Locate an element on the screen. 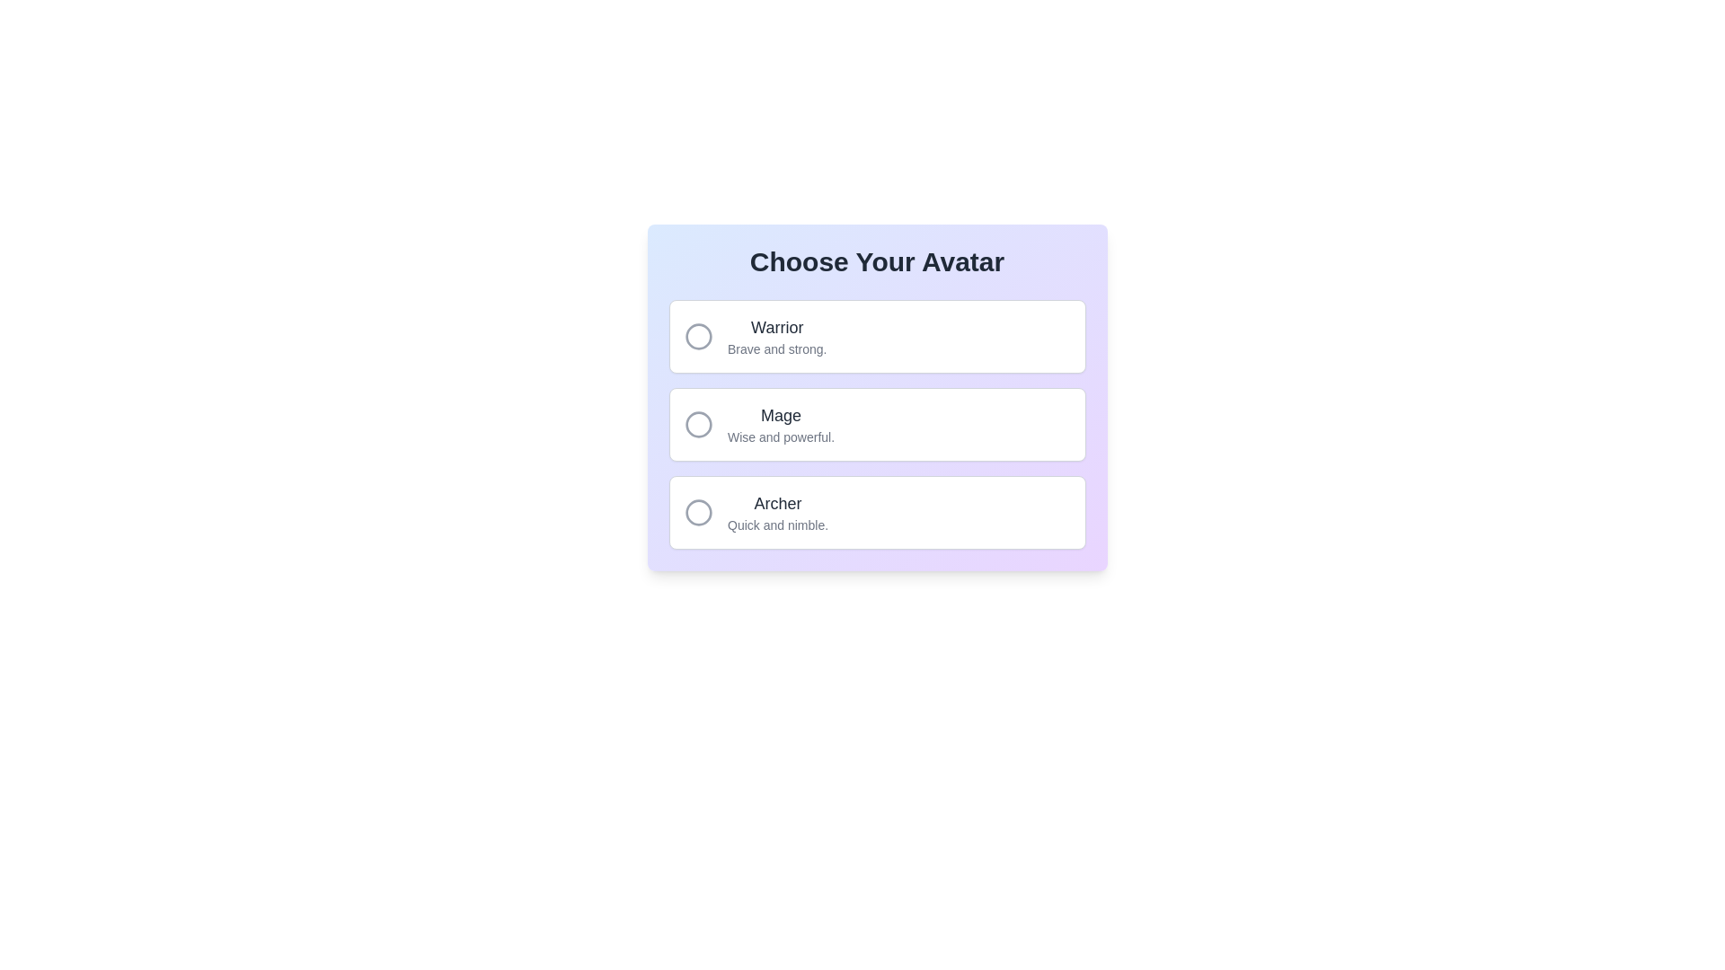 The width and height of the screenshot is (1725, 970). text element labeled 'Mage' which has a bold style and is positioned between 'Warrior' and 'Archer' in a vertical list is located at coordinates (780, 425).